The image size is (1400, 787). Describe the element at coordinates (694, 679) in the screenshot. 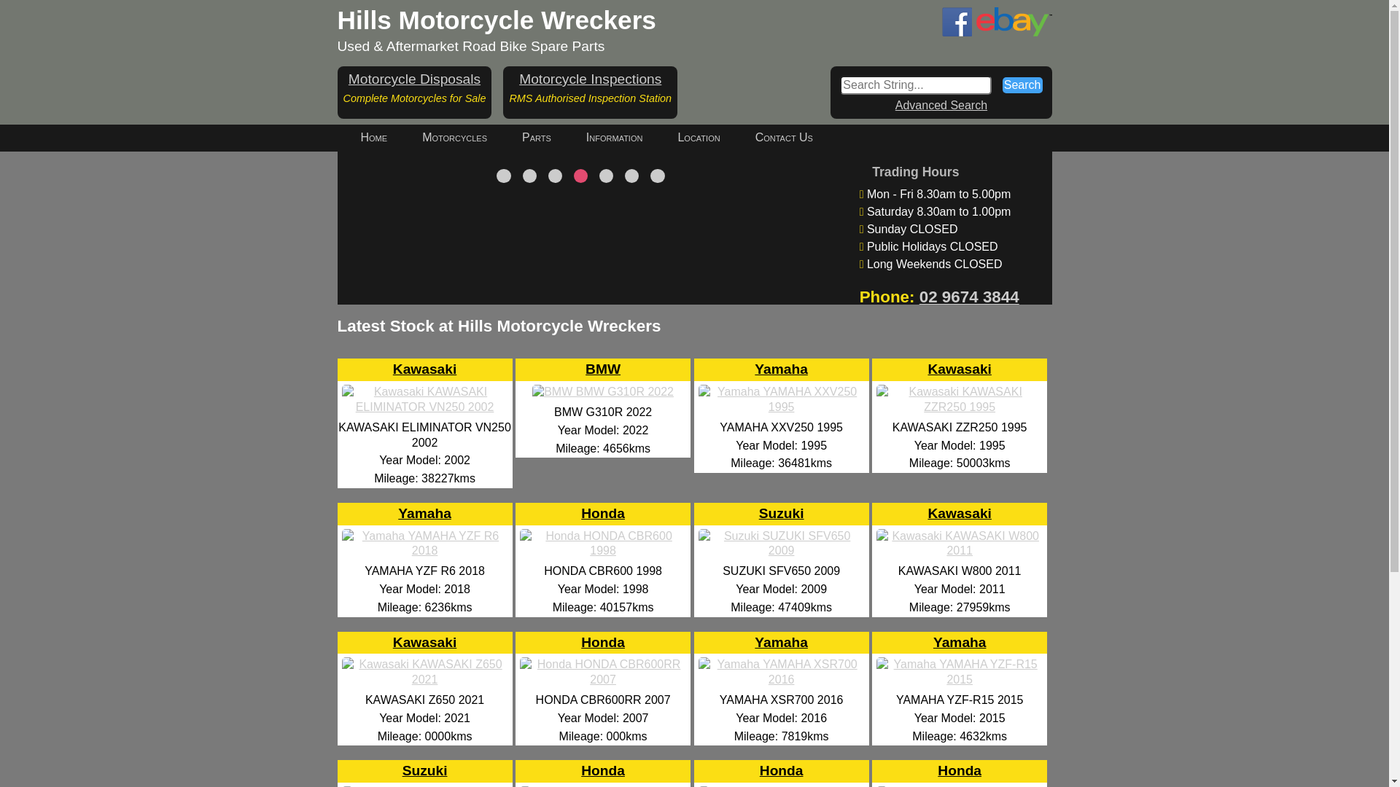

I see `'Yamaha YAMAHA XSR700  2016'` at that location.